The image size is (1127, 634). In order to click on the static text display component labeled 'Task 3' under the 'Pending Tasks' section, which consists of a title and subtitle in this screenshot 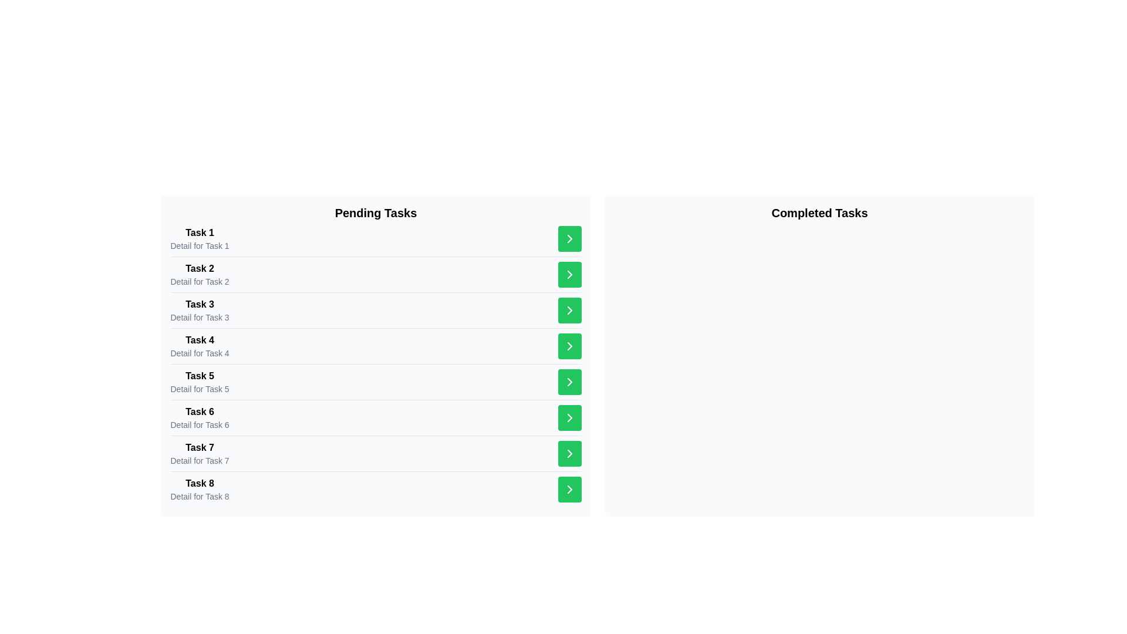, I will do `click(200, 309)`.